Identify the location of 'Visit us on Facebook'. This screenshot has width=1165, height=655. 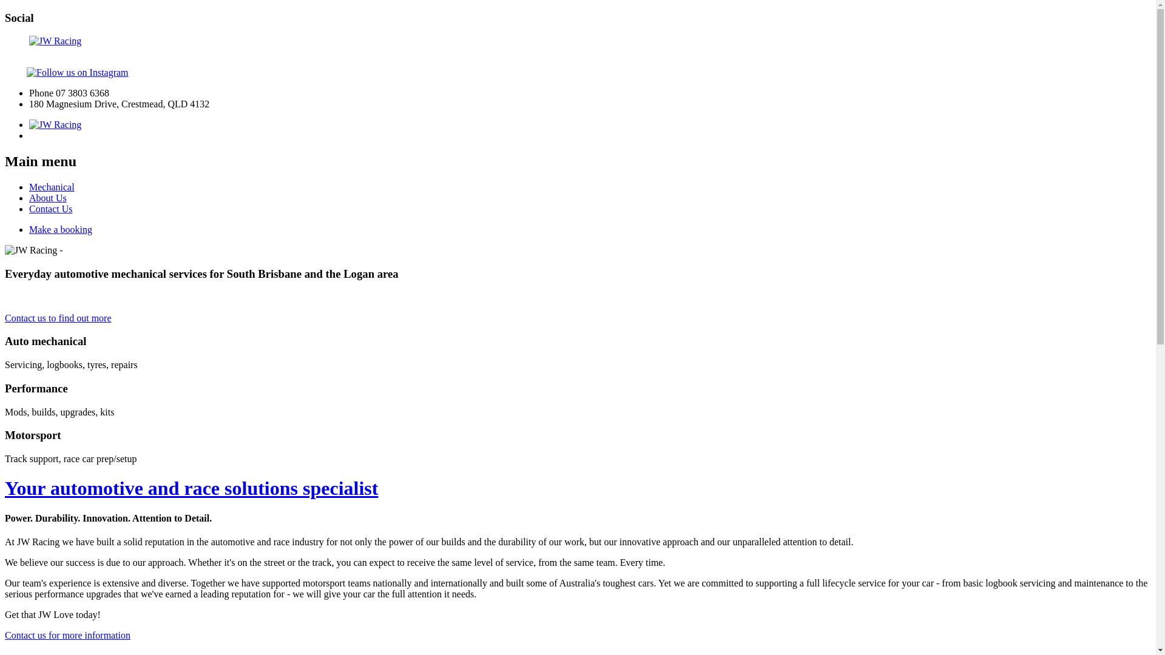
(15, 72).